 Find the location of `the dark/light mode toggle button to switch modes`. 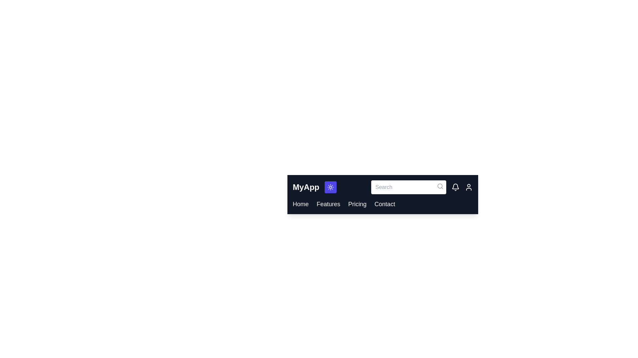

the dark/light mode toggle button to switch modes is located at coordinates (330, 187).